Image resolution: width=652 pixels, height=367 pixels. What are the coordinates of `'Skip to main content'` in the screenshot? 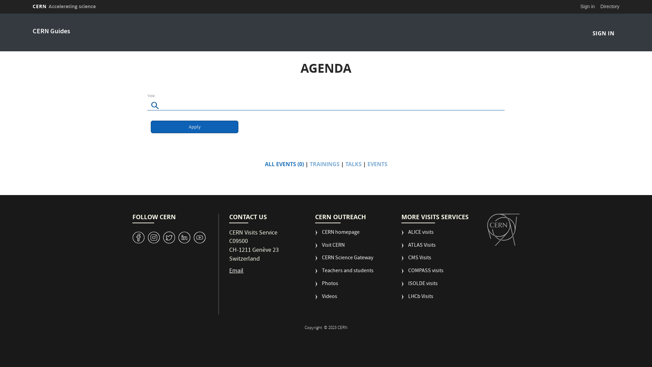 It's located at (0, 14).